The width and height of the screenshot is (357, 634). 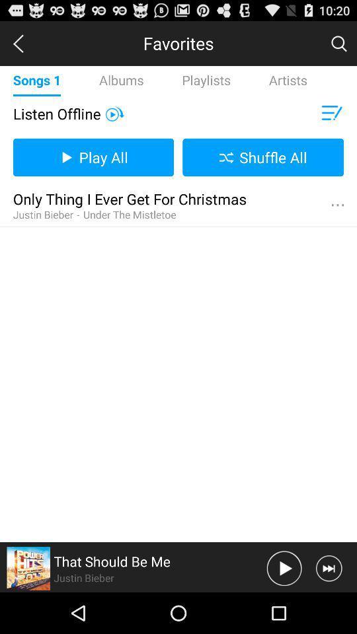 What do you see at coordinates (330, 113) in the screenshot?
I see `open menu` at bounding box center [330, 113].